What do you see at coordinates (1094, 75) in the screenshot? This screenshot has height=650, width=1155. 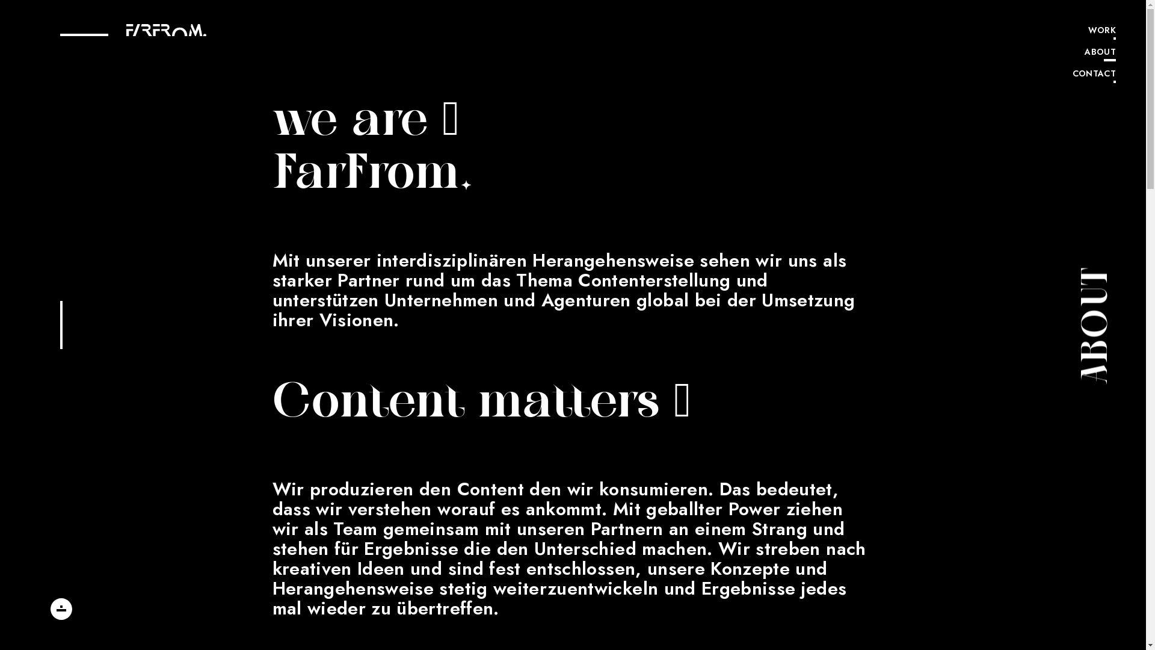 I see `'CONTACT'` at bounding box center [1094, 75].